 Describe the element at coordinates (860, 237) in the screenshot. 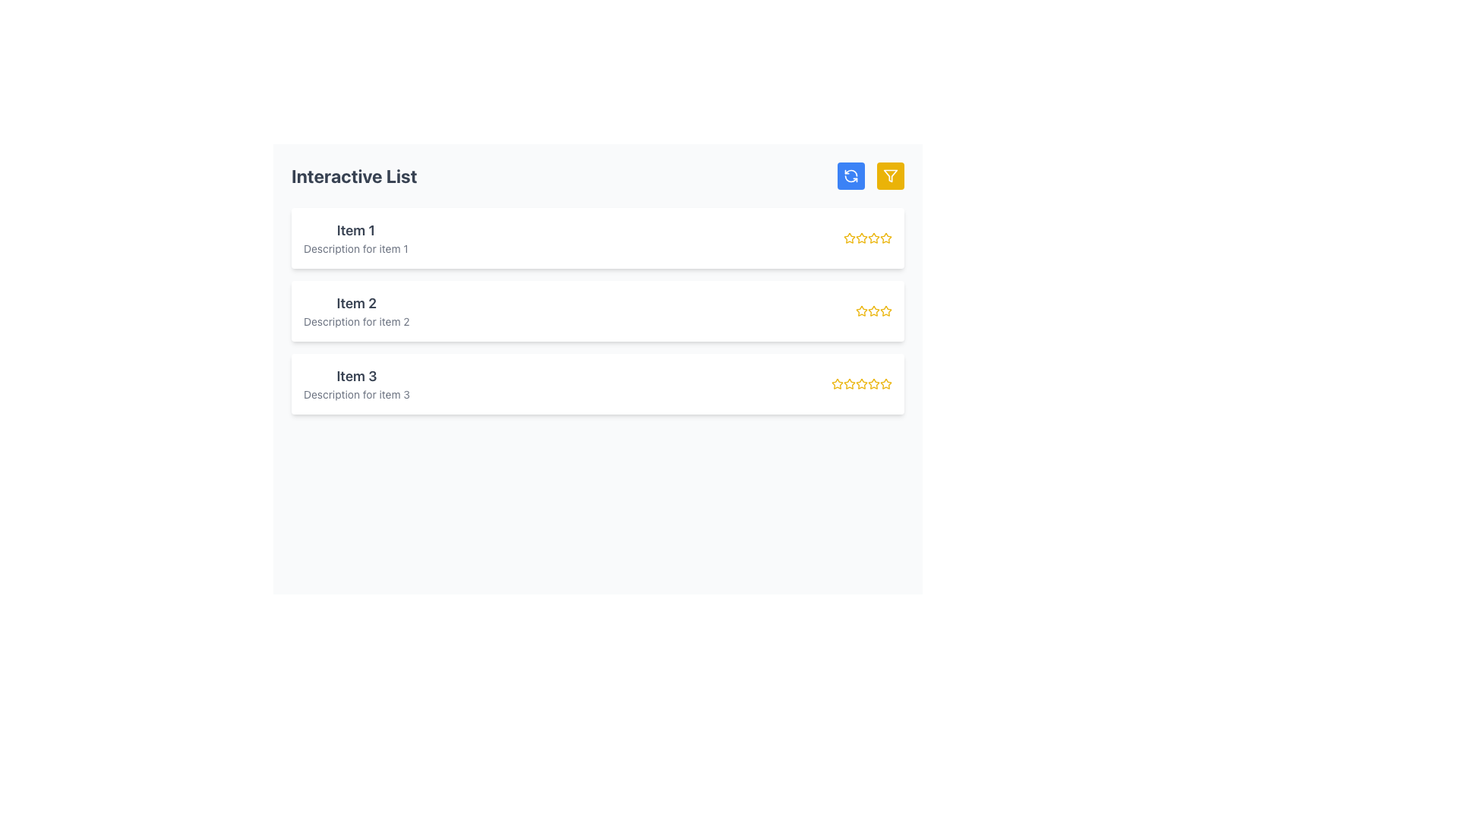

I see `the first star icon in the row of five rating stars located to the right of the text 'Item 1' to provide a rating` at that location.